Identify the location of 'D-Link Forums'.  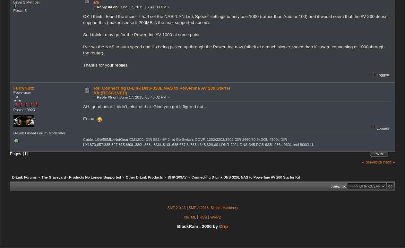
(24, 177).